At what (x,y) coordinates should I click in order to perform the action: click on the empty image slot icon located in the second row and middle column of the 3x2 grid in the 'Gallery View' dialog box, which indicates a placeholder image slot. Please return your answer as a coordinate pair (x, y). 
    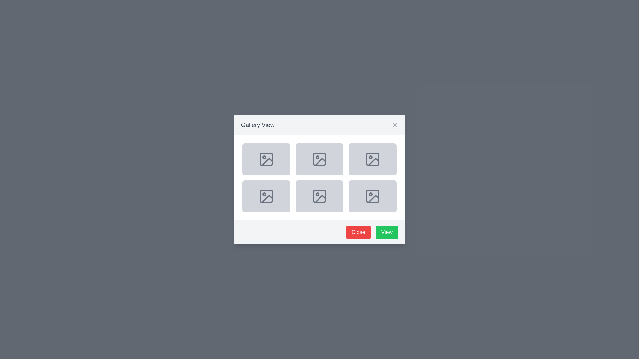
    Looking at the image, I should click on (319, 196).